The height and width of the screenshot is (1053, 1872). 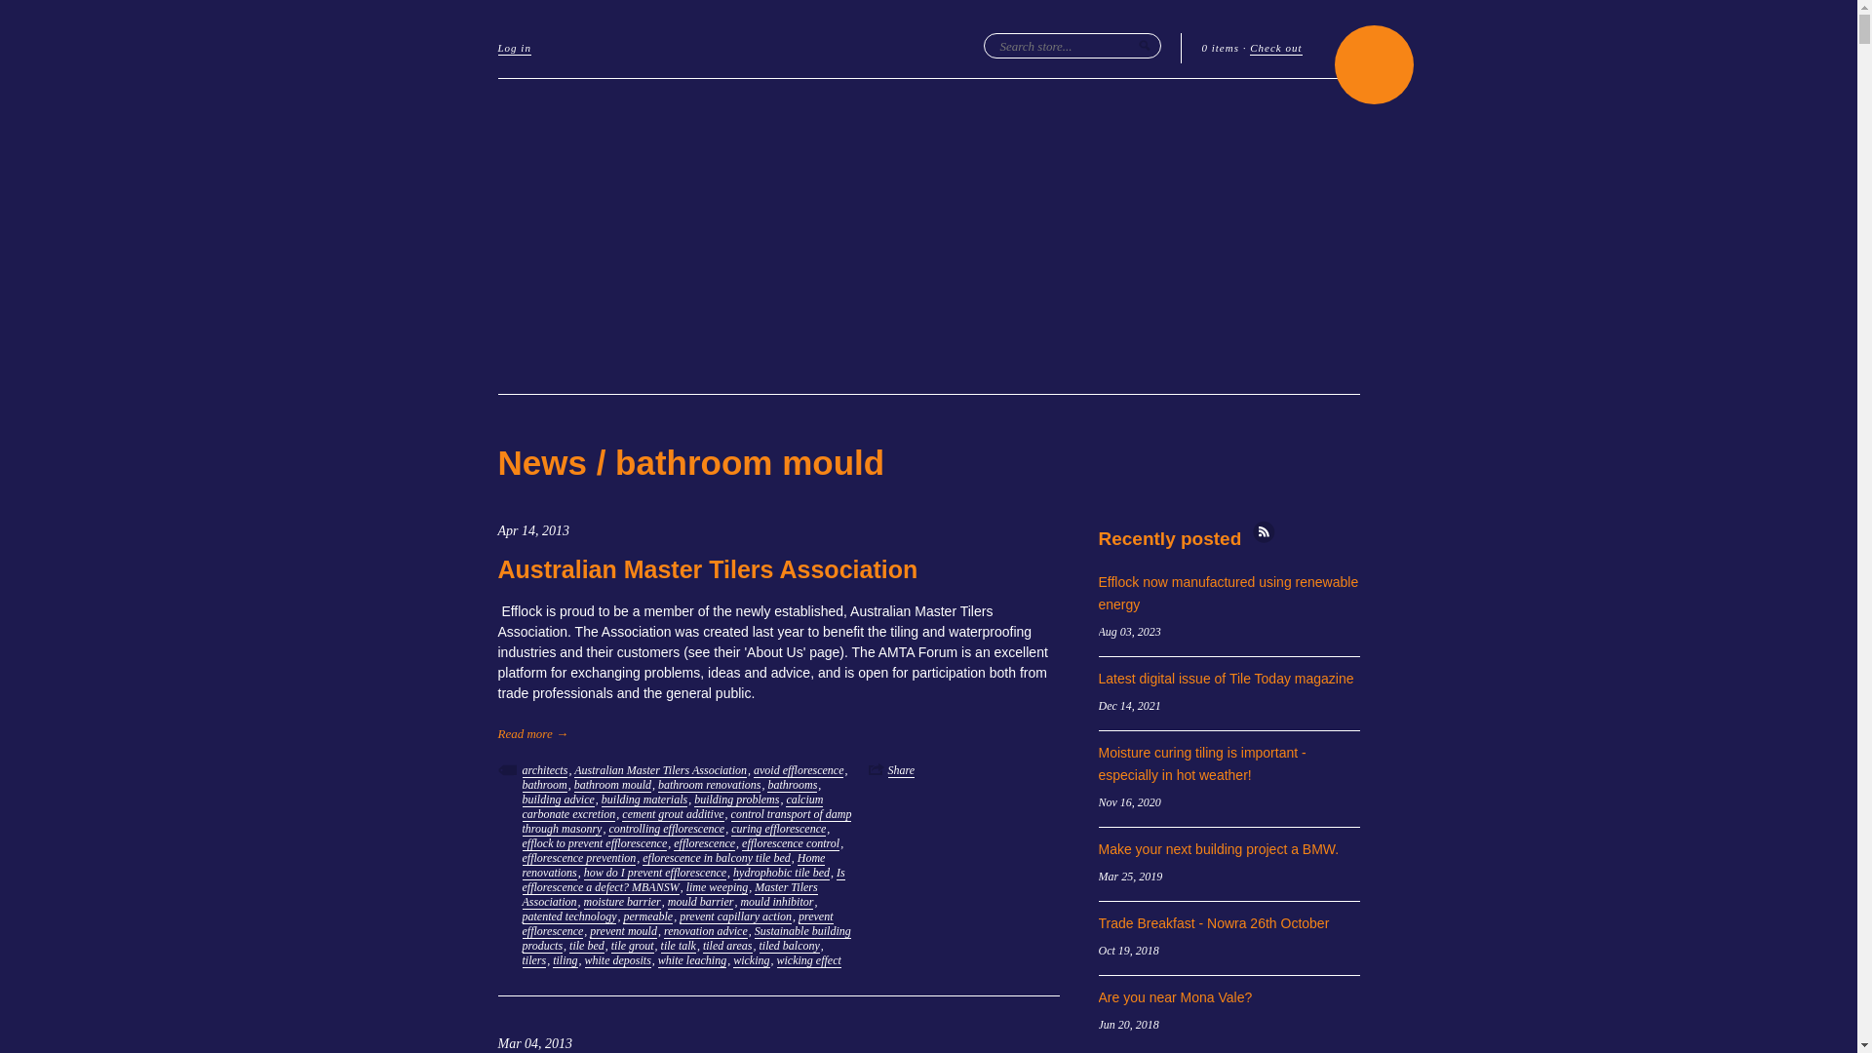 What do you see at coordinates (708, 784) in the screenshot?
I see `'bathroom renovations'` at bounding box center [708, 784].